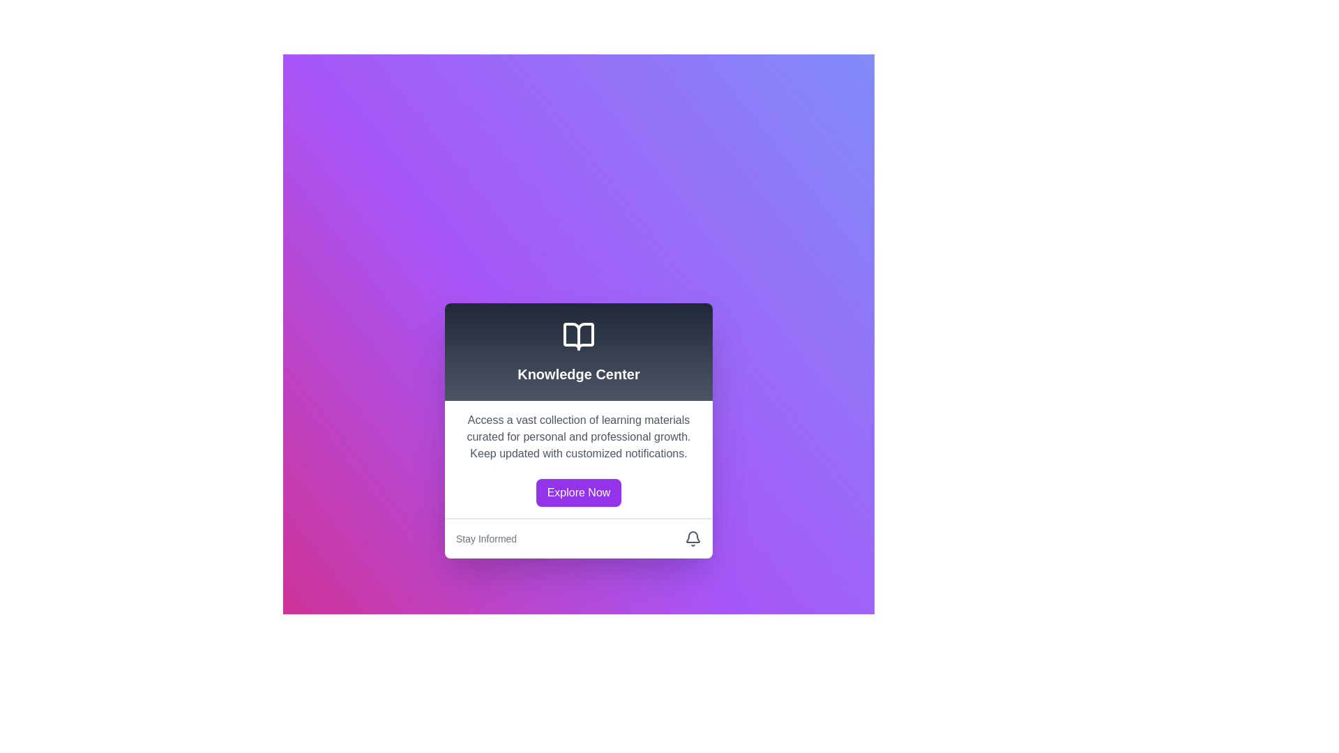 Image resolution: width=1339 pixels, height=753 pixels. What do you see at coordinates (579, 351) in the screenshot?
I see `the Header Section that features a gradient background and contains an open book icon above the text 'Knowledge Center'` at bounding box center [579, 351].